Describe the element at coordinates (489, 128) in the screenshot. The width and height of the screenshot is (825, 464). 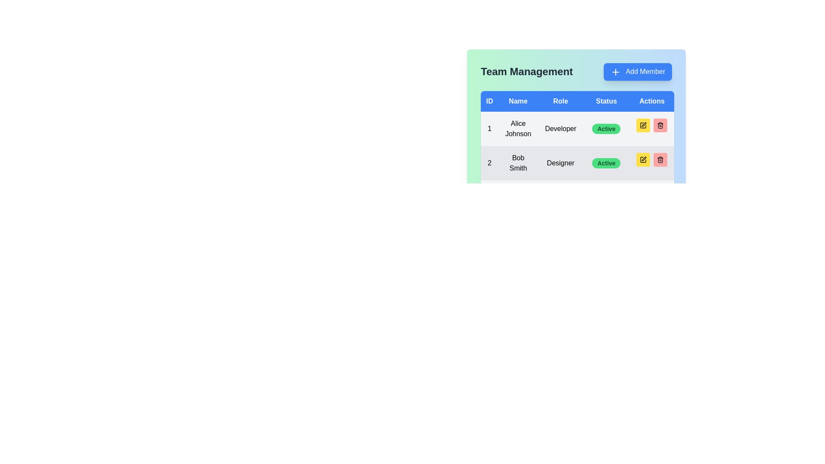
I see `the Text element that identifies the ID of the first entry in the table, corresponding to Alice Johnson` at that location.